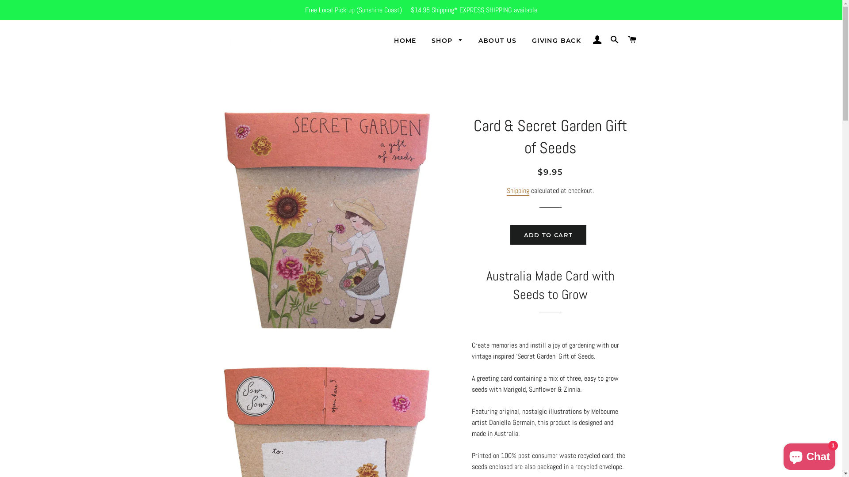 Image resolution: width=849 pixels, height=477 pixels. I want to click on 'Shopify online store chat', so click(781, 454).